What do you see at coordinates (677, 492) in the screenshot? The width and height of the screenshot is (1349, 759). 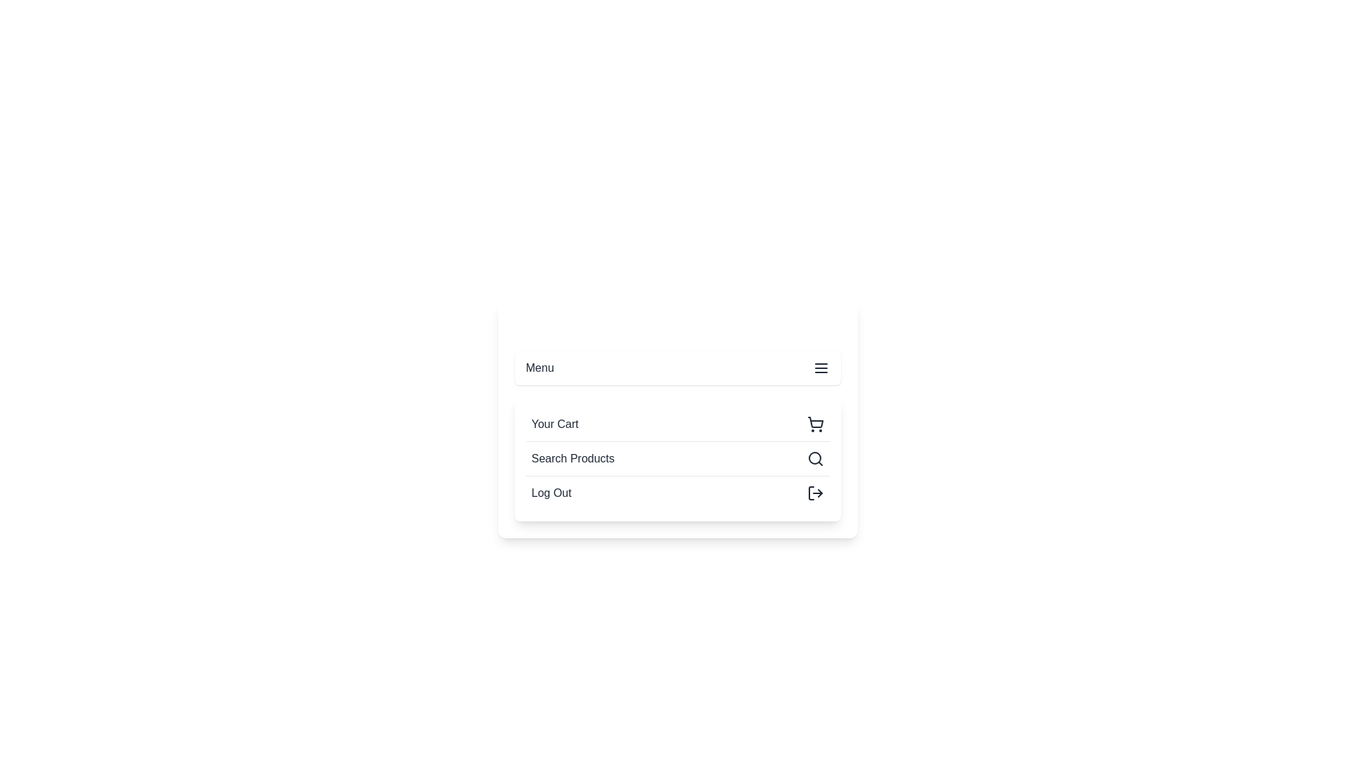 I see `the logout button located at the bottom of the dropdown menu, below 'Your Cart' and 'Search Products'` at bounding box center [677, 492].